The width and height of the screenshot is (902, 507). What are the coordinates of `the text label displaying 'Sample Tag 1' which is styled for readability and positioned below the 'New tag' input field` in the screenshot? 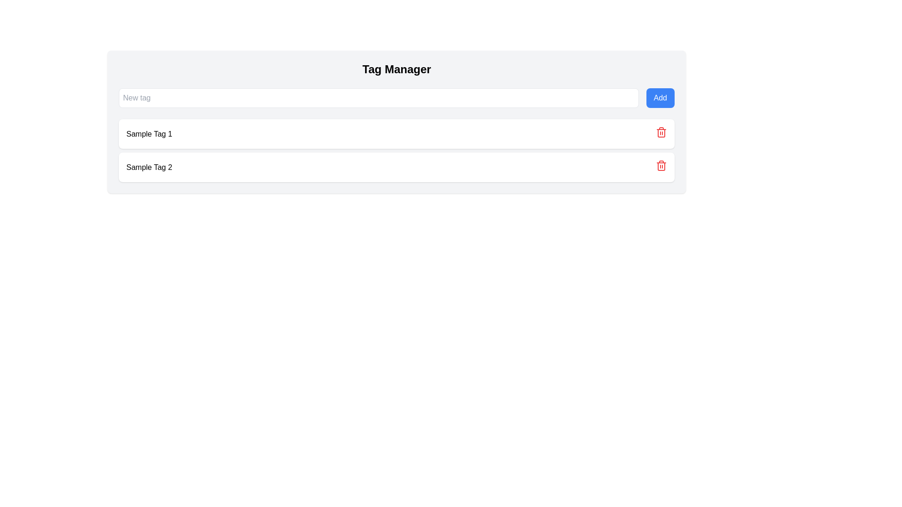 It's located at (148, 134).